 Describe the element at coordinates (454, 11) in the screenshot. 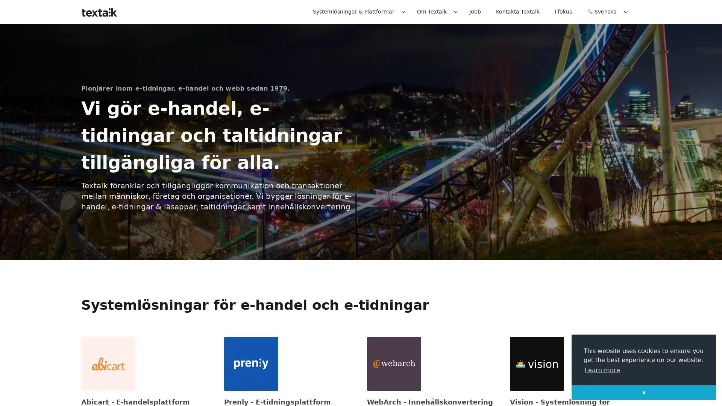

I see `Expand / collapse menu` at that location.